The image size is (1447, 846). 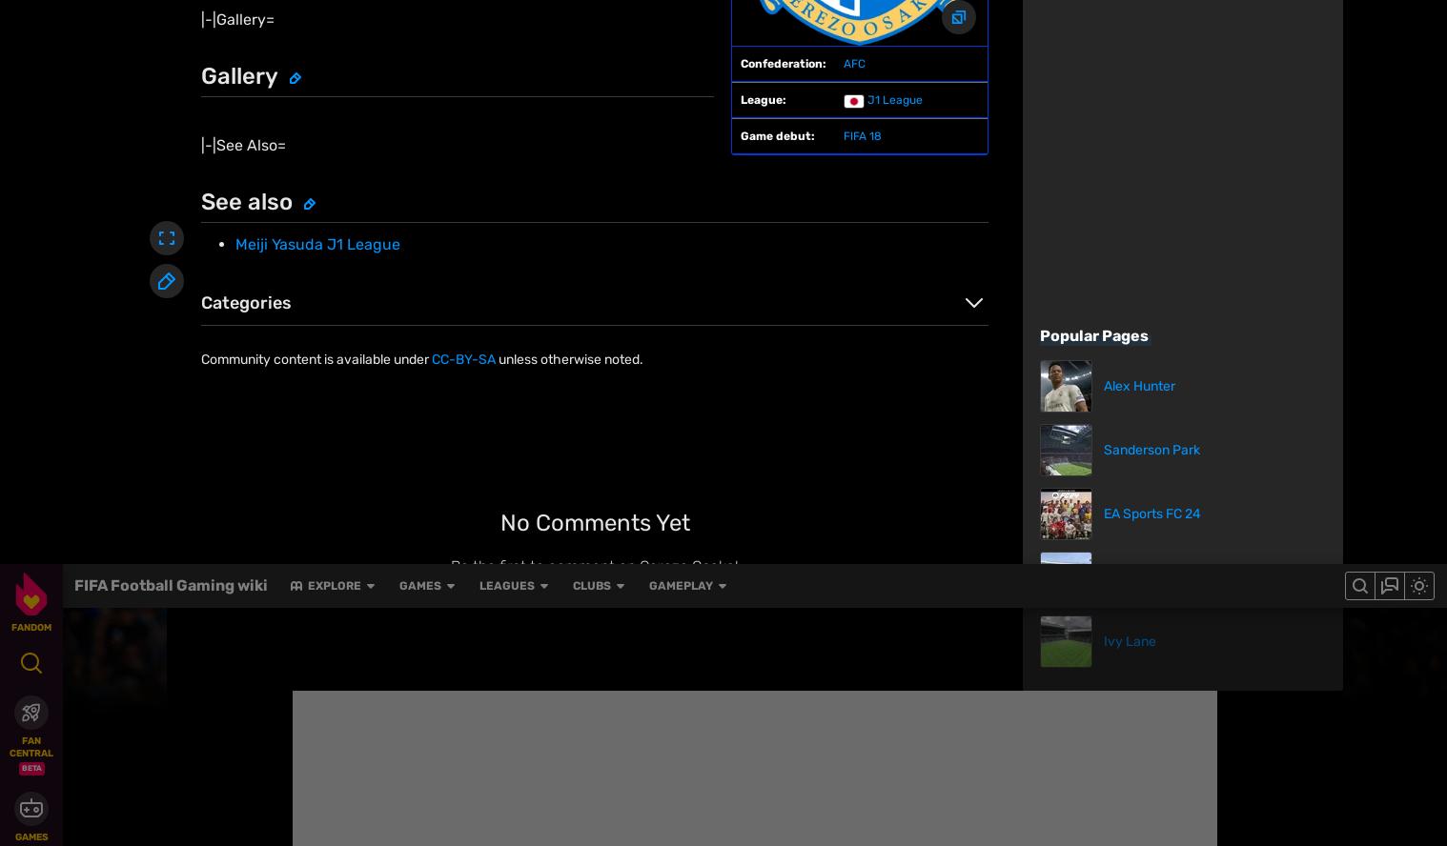 I want to click on 'Support', so click(x=763, y=787).